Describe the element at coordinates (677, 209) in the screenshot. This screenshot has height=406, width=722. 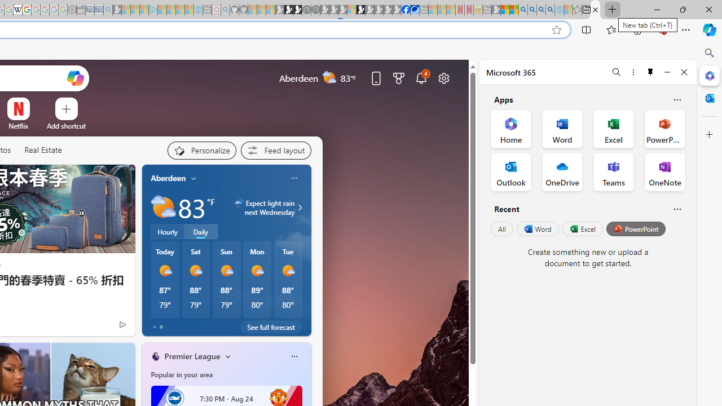
I see `'Is this helpful?'` at that location.